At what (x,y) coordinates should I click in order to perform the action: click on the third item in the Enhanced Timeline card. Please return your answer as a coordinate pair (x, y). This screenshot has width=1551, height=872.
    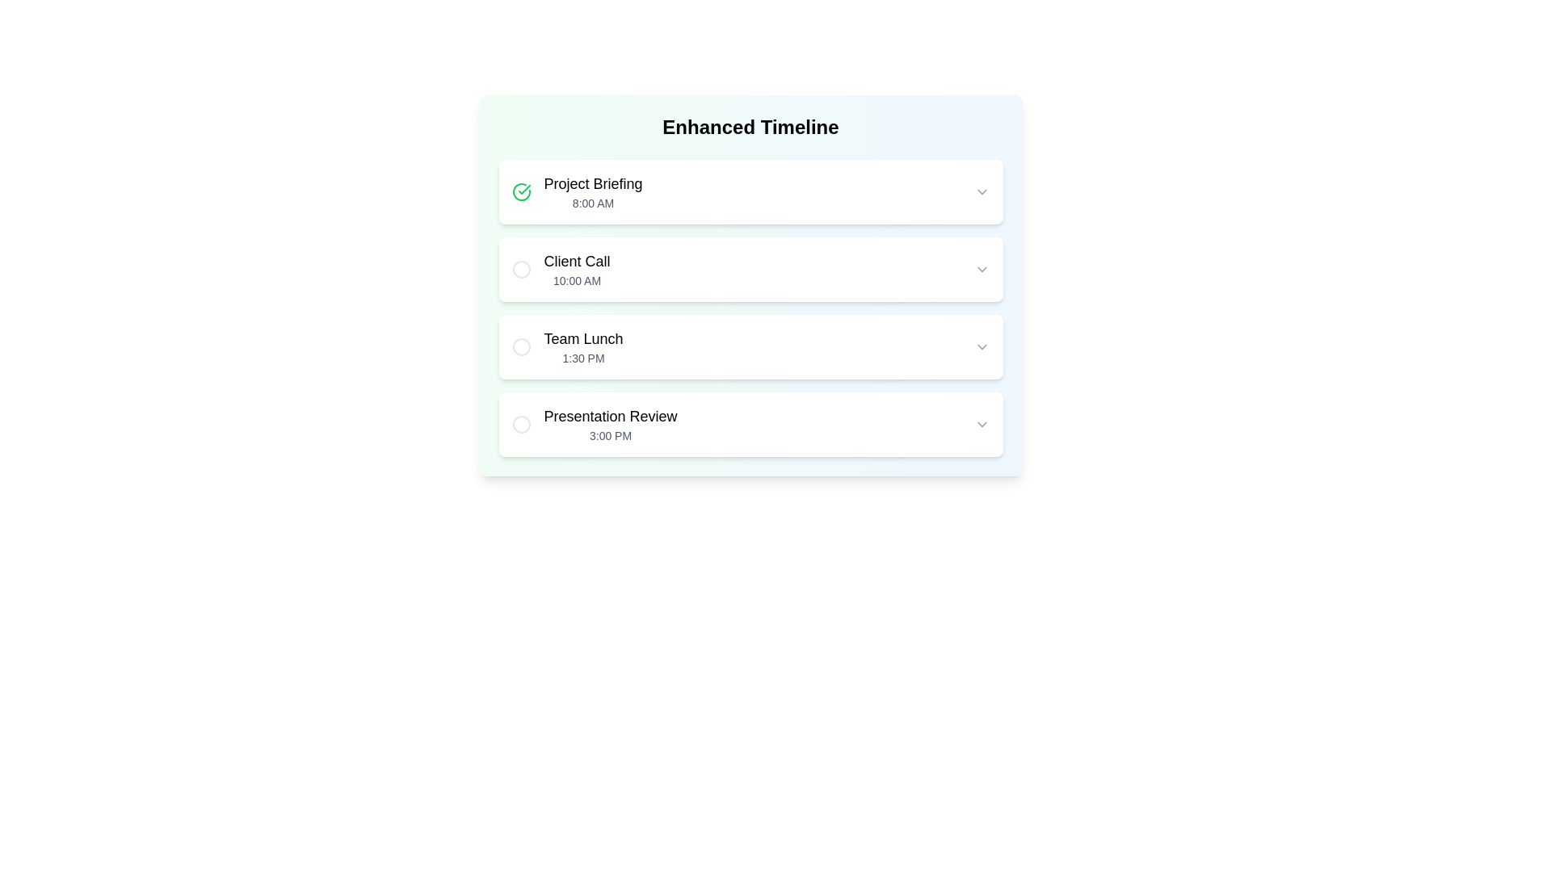
    Looking at the image, I should click on (750, 346).